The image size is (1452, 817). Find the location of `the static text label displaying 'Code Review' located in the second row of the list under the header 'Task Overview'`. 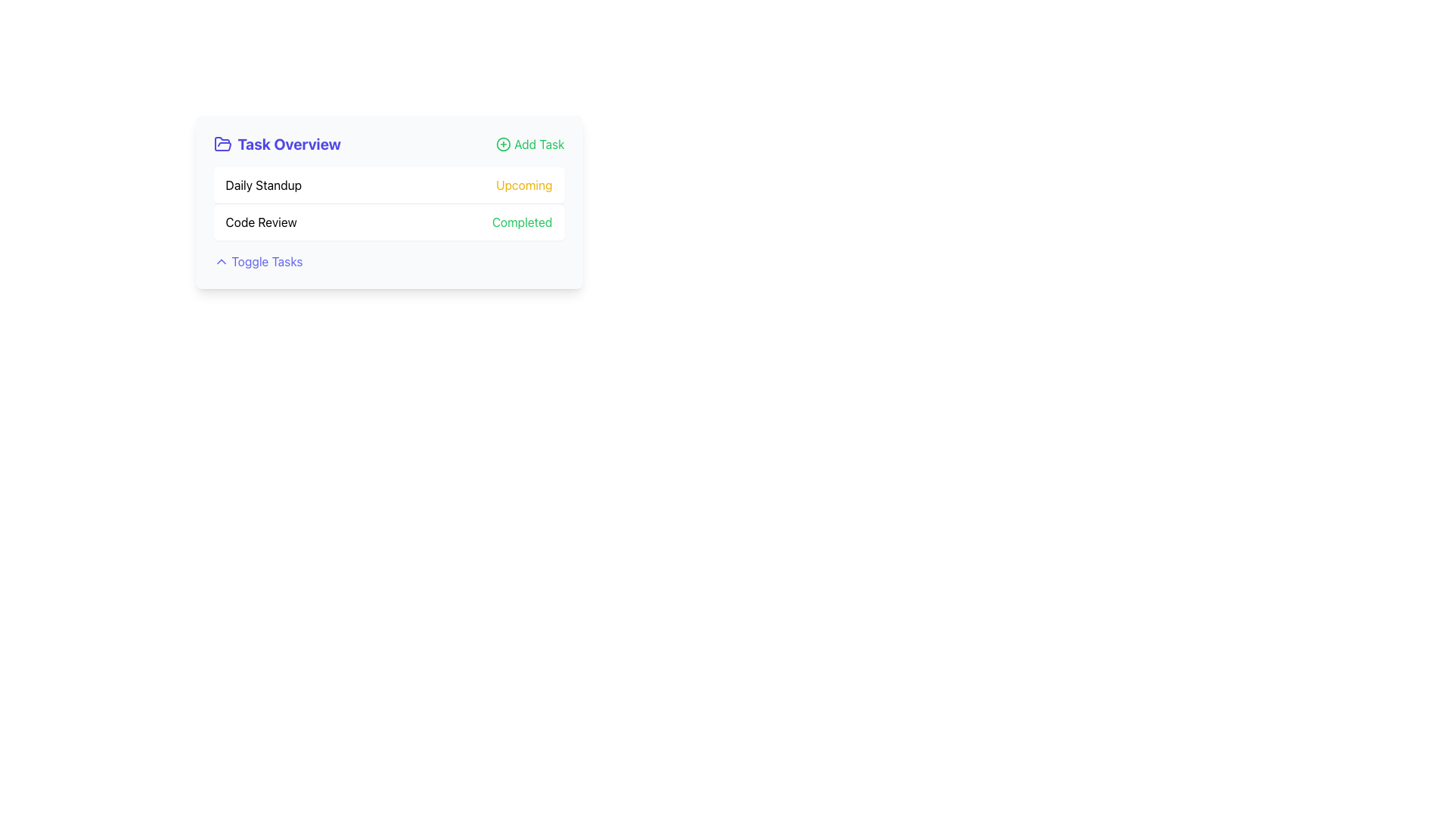

the static text label displaying 'Code Review' located in the second row of the list under the header 'Task Overview' is located at coordinates (261, 222).